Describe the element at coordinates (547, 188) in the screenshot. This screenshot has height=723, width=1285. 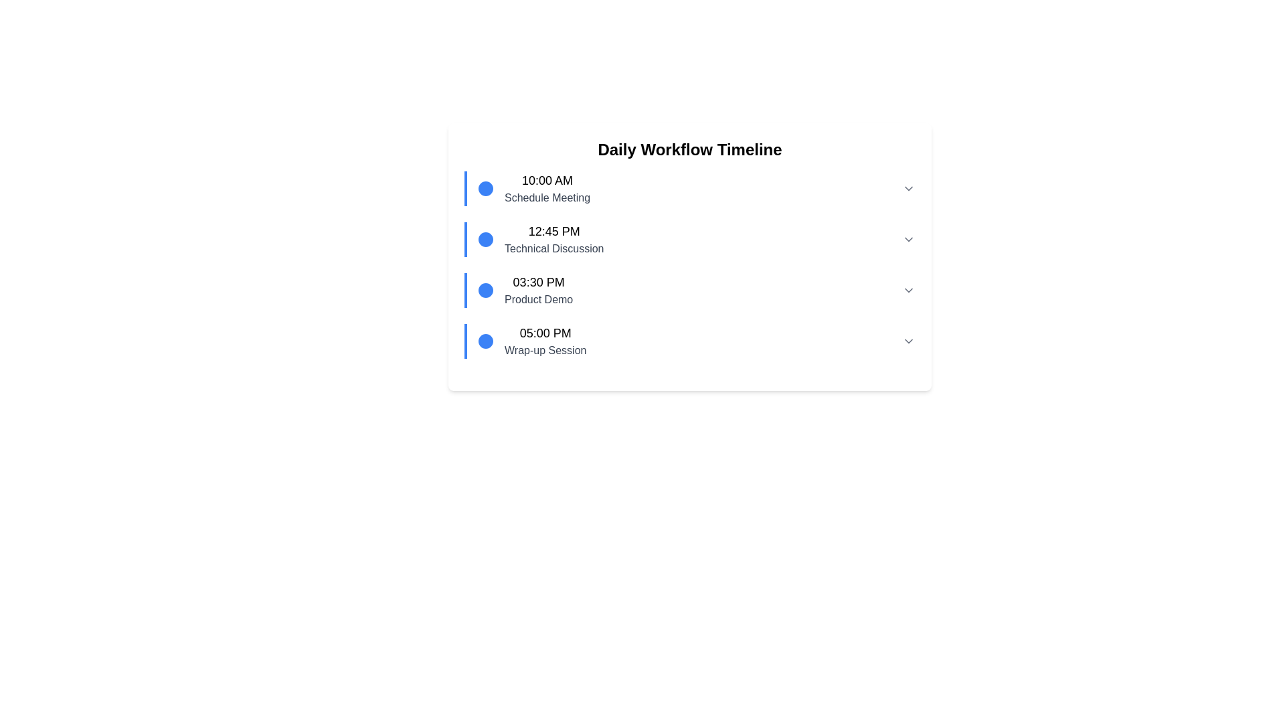
I see `the first timeline entry for the event scheduled at 10:00 AM, which describes 'Schedule Meeting', located under the 'Daily Workflow Timeline' heading` at that location.